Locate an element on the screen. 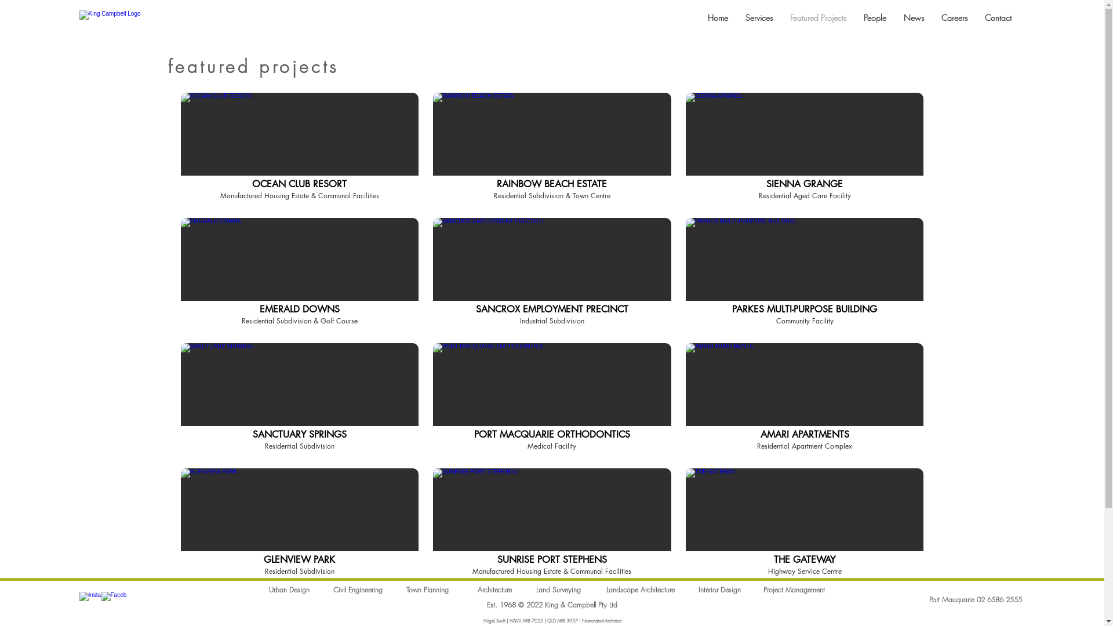 The image size is (1113, 626). 'Interior Design' is located at coordinates (718, 589).